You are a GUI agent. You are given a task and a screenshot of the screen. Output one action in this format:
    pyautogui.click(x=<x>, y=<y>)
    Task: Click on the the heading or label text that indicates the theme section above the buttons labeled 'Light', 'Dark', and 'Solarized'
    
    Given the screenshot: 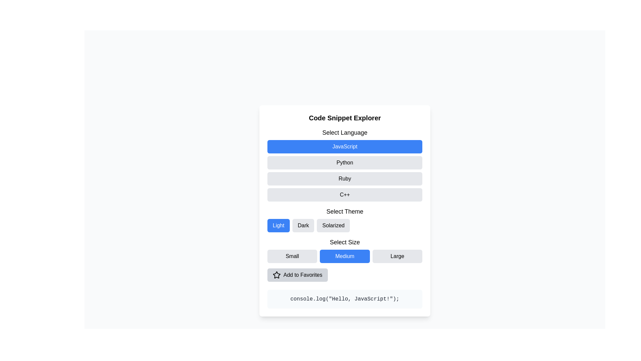 What is the action you would take?
    pyautogui.click(x=345, y=211)
    